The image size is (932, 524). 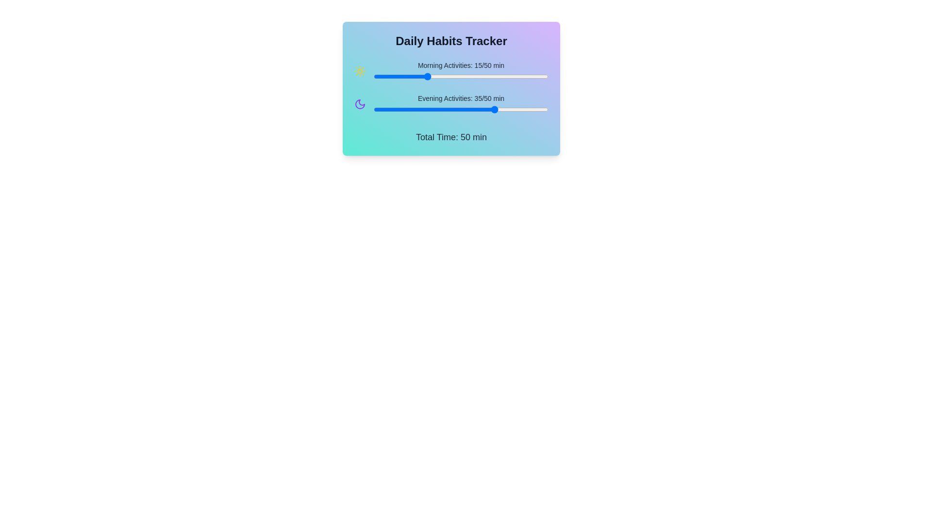 I want to click on the 'Morning Activities' slider, so click(x=426, y=76).